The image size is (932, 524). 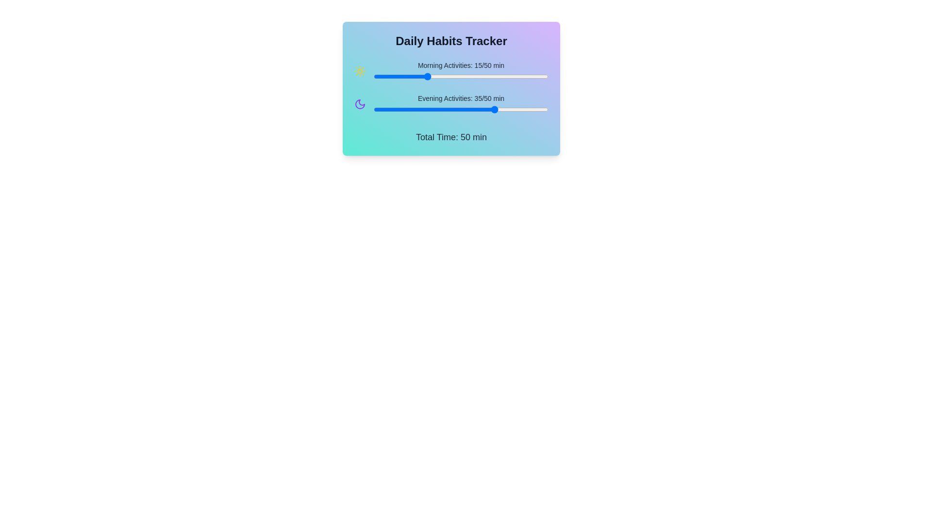 I want to click on the 'Morning Activities' slider, so click(x=426, y=76).